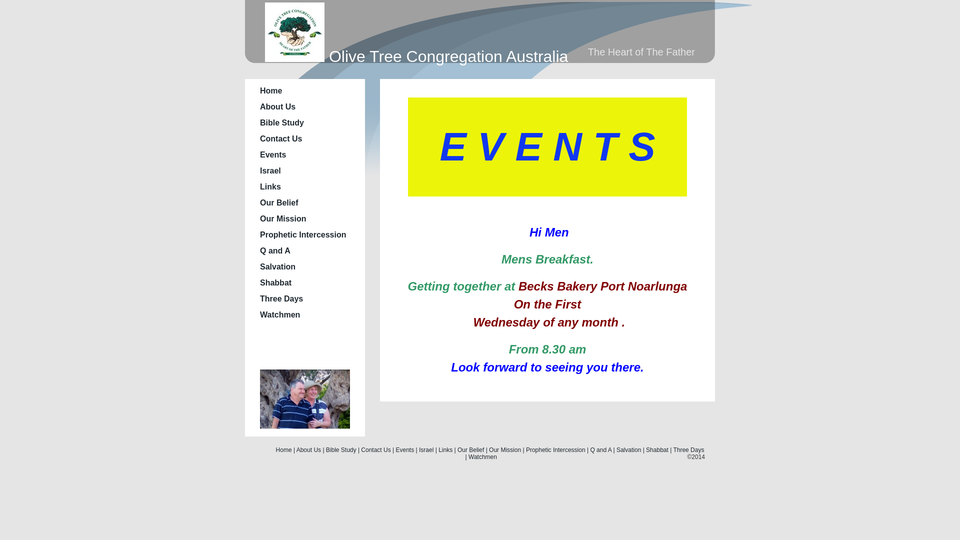 The width and height of the screenshot is (960, 540). Describe the element at coordinates (277, 106) in the screenshot. I see `'About Us'` at that location.